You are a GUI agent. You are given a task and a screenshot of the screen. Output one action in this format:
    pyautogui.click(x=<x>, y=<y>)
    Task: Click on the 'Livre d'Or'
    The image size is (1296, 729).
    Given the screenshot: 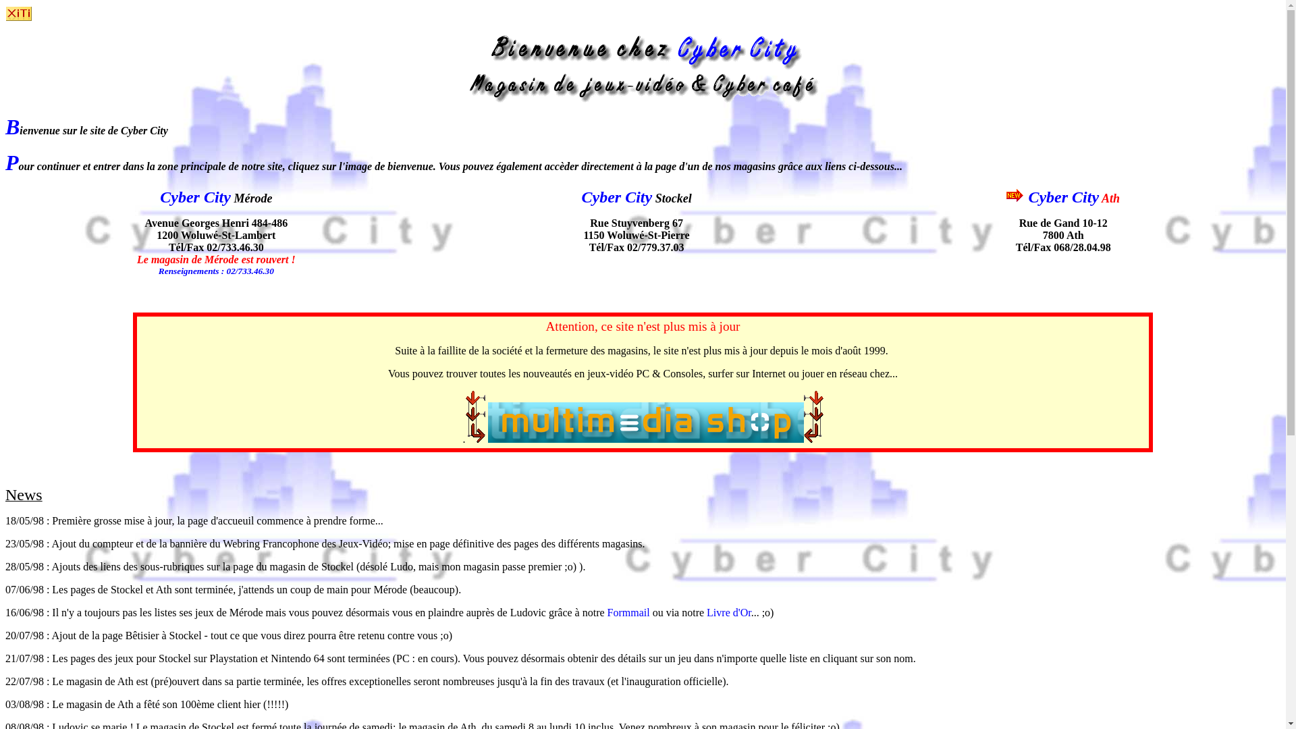 What is the action you would take?
    pyautogui.click(x=728, y=612)
    